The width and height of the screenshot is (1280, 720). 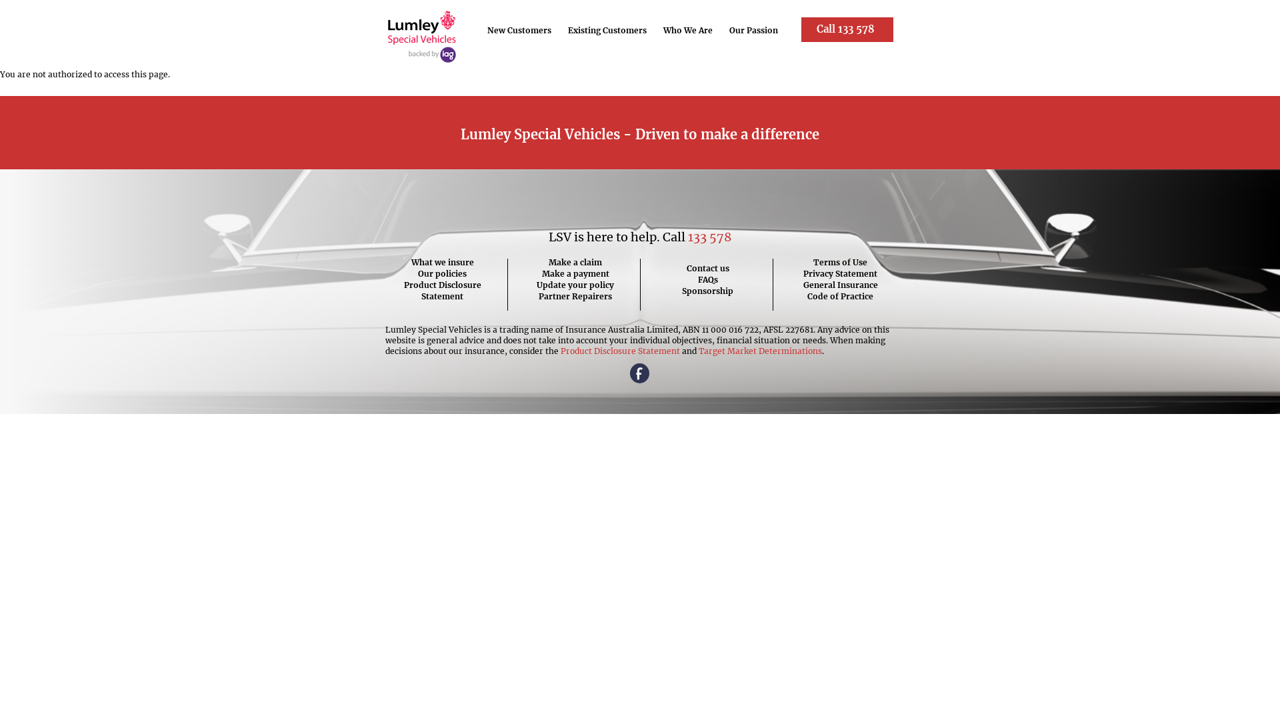 I want to click on 'Update your policy', so click(x=537, y=284).